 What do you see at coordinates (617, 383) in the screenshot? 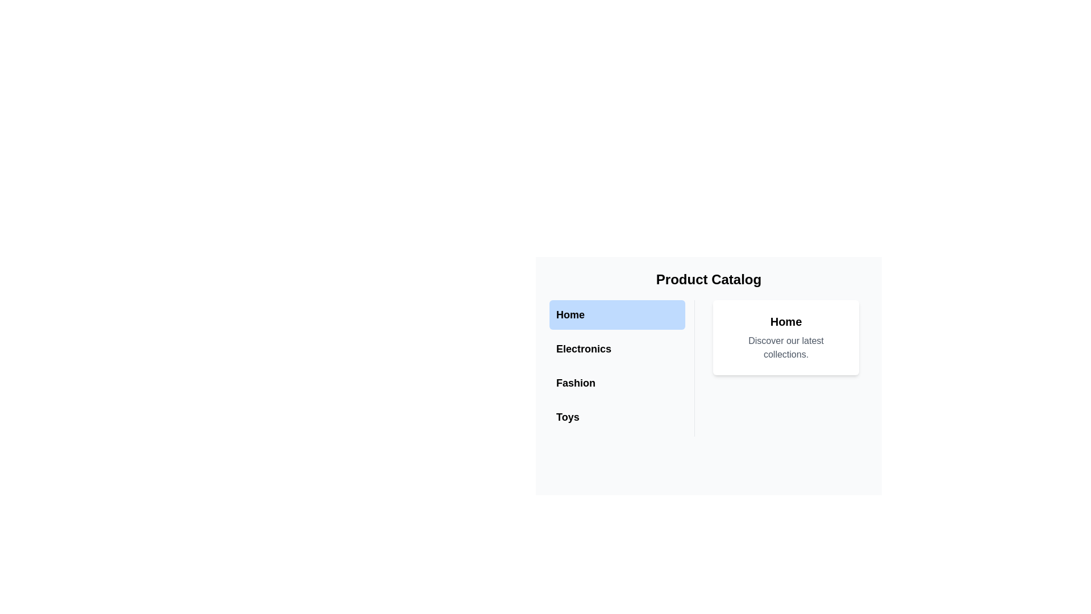
I see `the third category button in the sidebar` at bounding box center [617, 383].